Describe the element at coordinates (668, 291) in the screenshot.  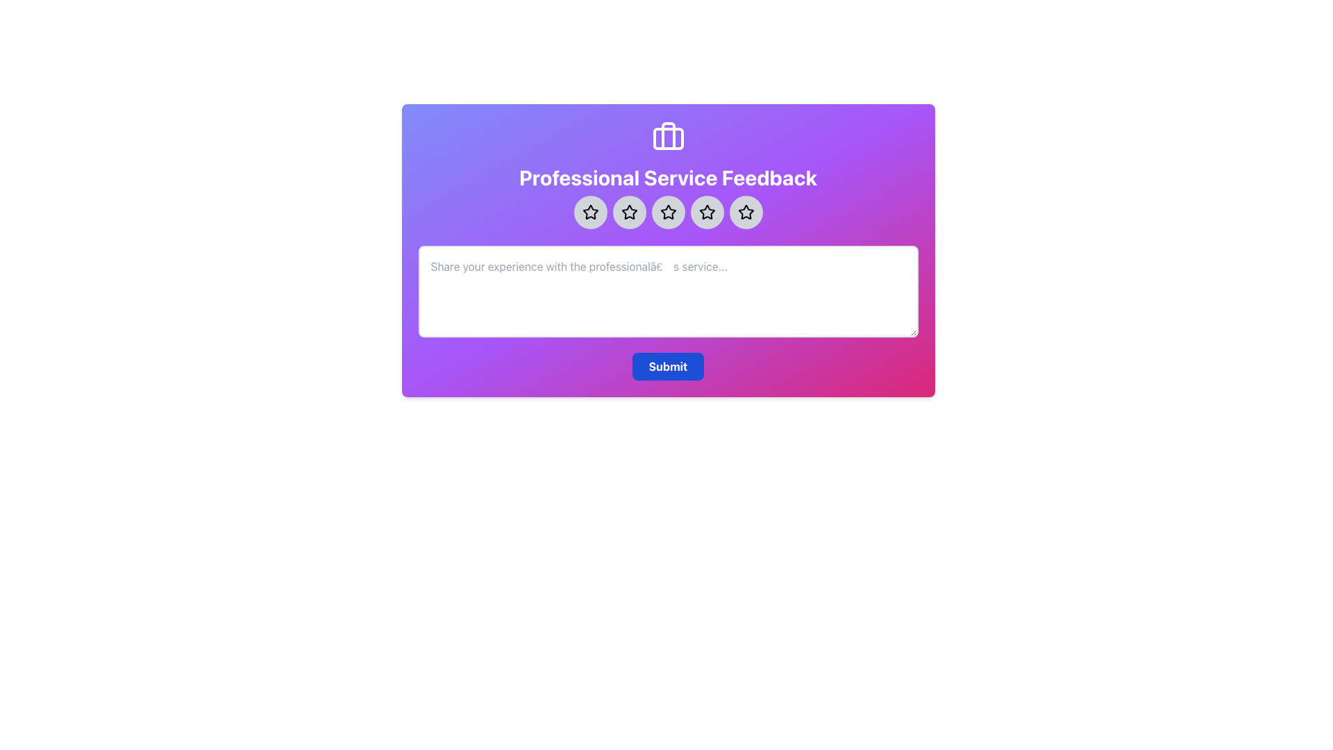
I see `the text in the rectangular text input area with rounded corners, which has a light placeholder text reading 'Share your experience with the professional’s service...'` at that location.